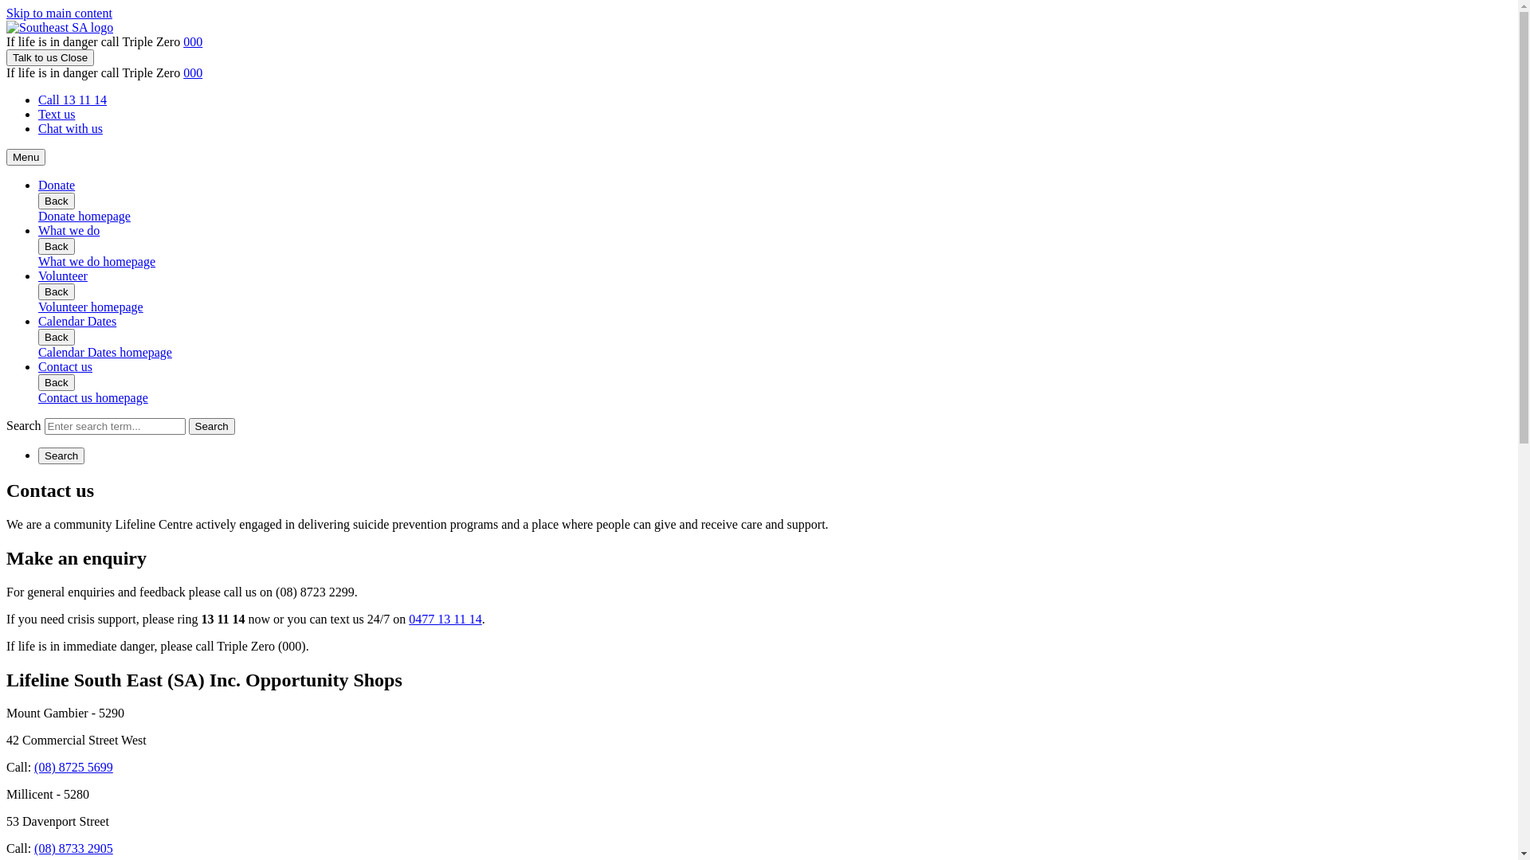 This screenshot has width=1530, height=860. What do you see at coordinates (57, 382) in the screenshot?
I see `'Back'` at bounding box center [57, 382].